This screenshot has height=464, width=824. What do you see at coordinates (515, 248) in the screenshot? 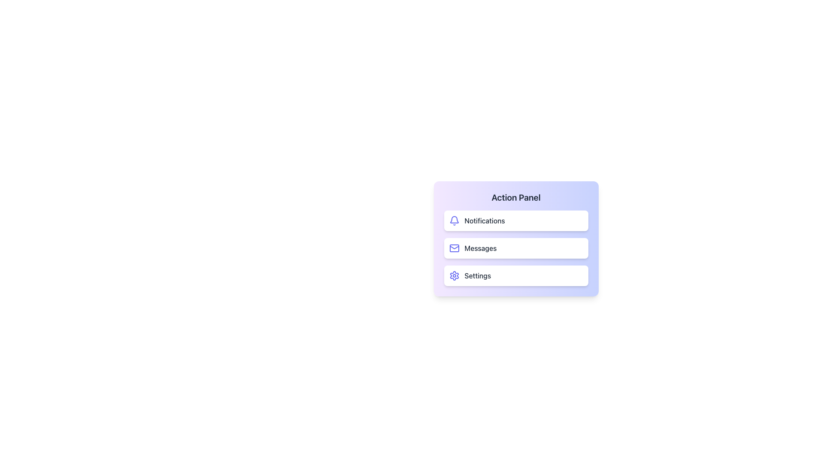
I see `the 'Messages' button located in the 'Action Panel' between the 'Notifications' and 'Settings' buttons` at bounding box center [515, 248].